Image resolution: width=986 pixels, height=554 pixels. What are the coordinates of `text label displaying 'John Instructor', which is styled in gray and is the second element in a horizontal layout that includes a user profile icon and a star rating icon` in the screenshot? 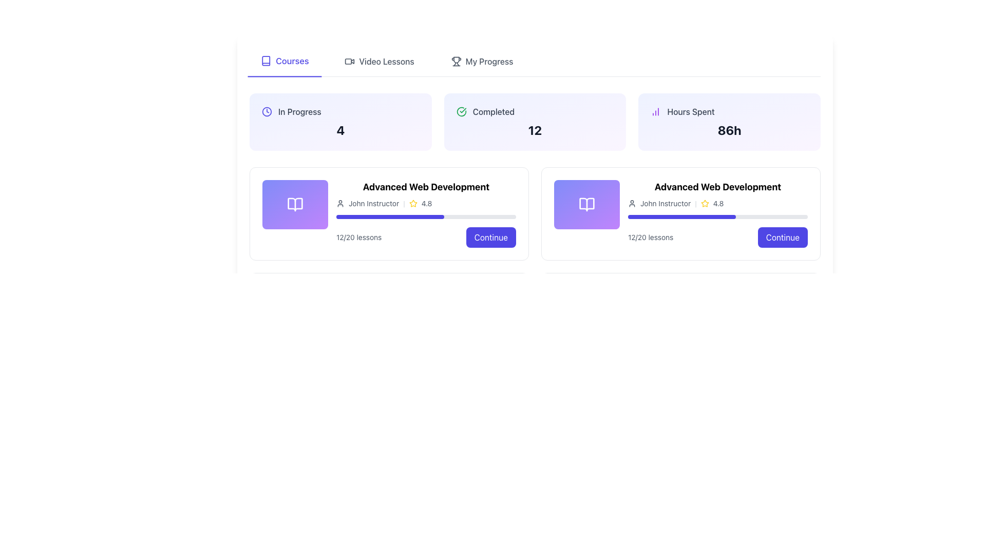 It's located at (373, 204).